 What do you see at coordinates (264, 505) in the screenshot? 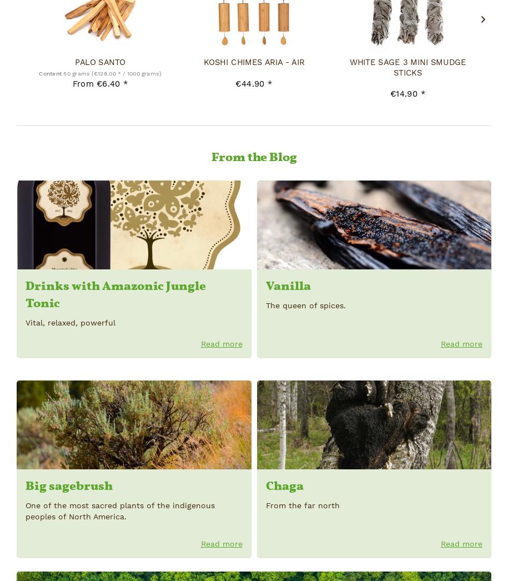
I see `'From the far north'` at bounding box center [264, 505].